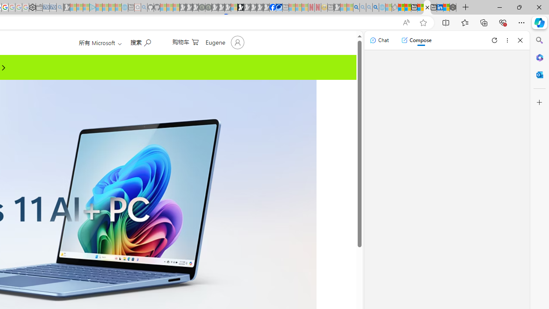 This screenshot has width=549, height=309. Describe the element at coordinates (440, 7) in the screenshot. I see `'LinkedIn'` at that location.